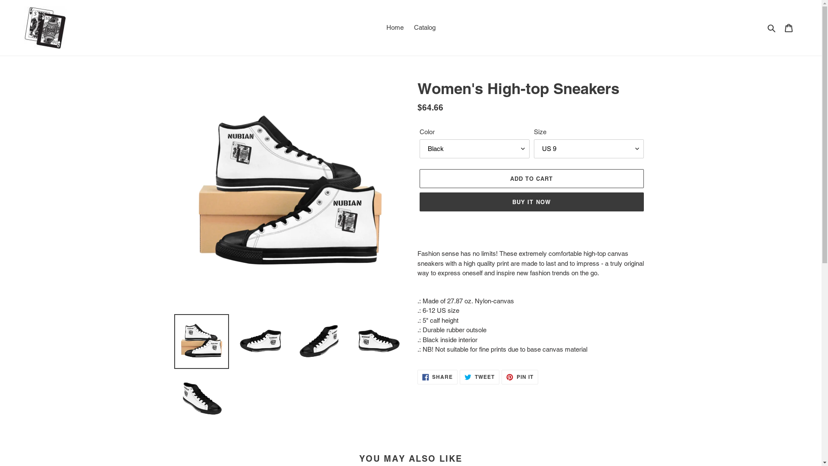  Describe the element at coordinates (424, 27) in the screenshot. I see `'Catalog'` at that location.